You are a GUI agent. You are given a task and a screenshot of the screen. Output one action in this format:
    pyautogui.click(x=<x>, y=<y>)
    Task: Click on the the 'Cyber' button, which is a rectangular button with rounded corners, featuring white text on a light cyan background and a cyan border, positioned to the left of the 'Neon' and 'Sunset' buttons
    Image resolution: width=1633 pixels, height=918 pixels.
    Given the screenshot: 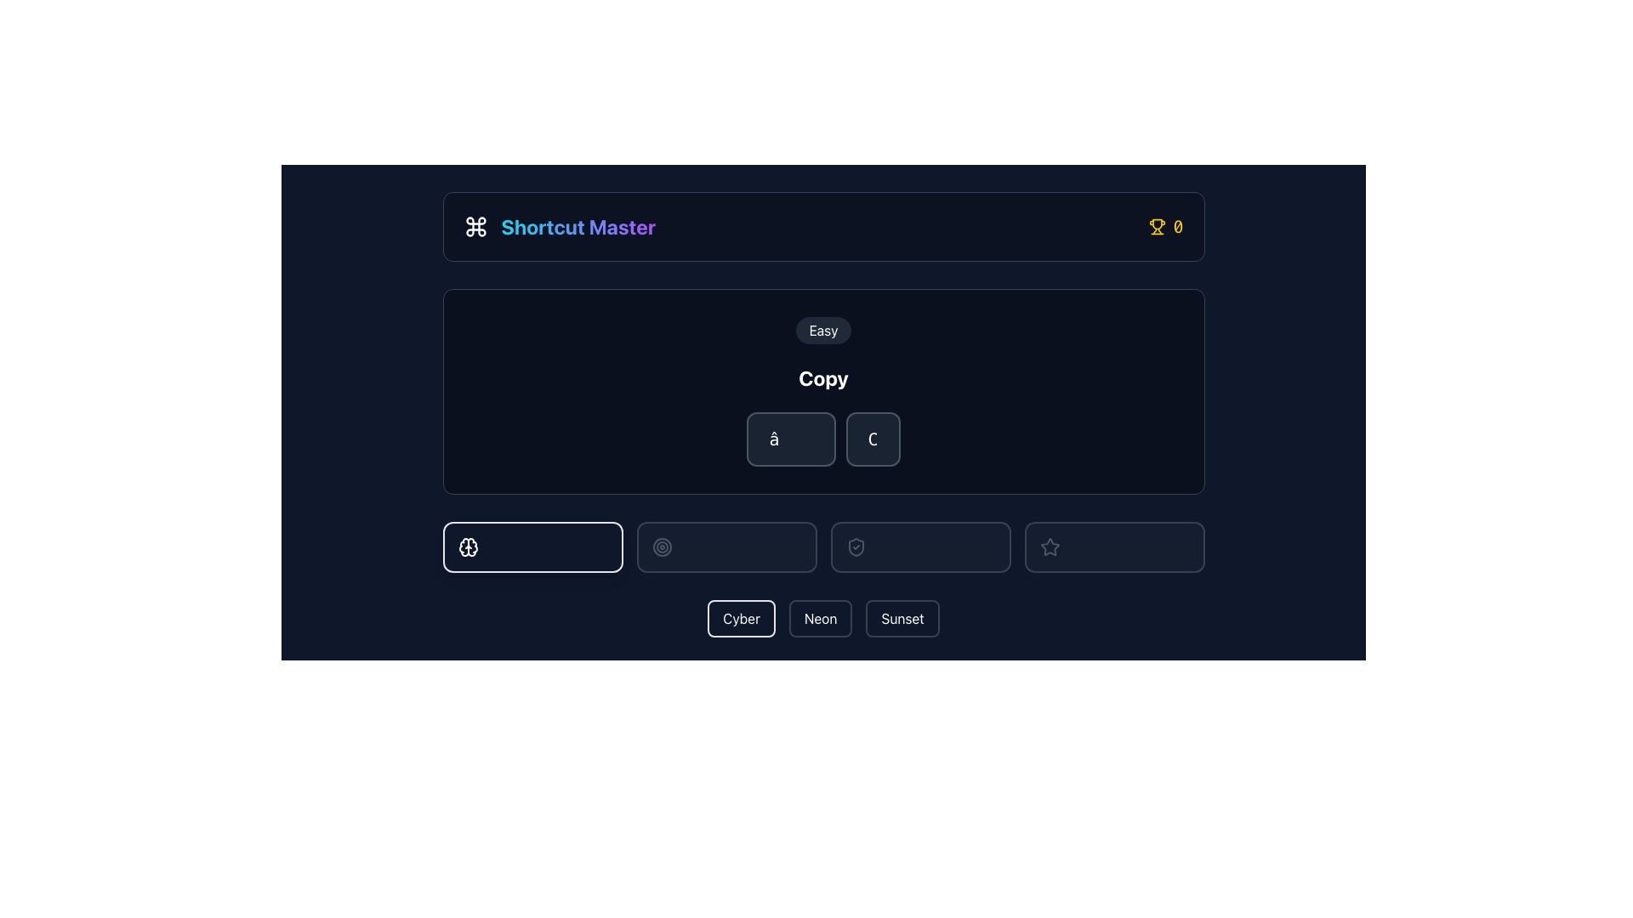 What is the action you would take?
    pyautogui.click(x=742, y=619)
    